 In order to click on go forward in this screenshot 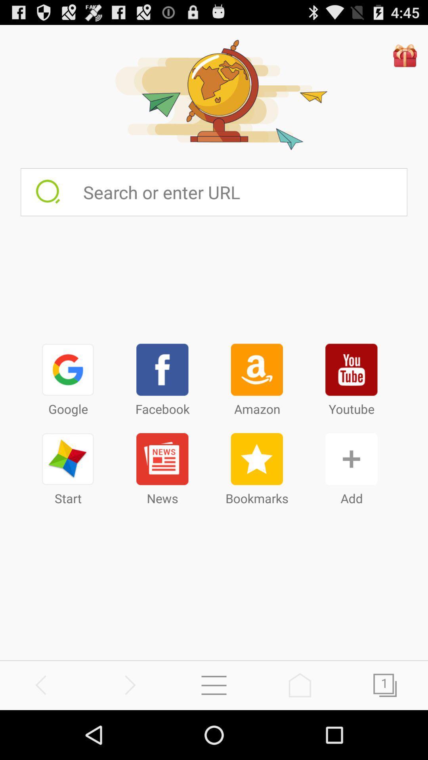, I will do `click(128, 685)`.